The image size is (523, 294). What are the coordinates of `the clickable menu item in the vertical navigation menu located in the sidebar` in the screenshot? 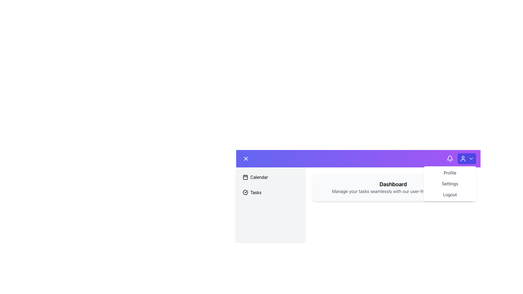 It's located at (271, 184).